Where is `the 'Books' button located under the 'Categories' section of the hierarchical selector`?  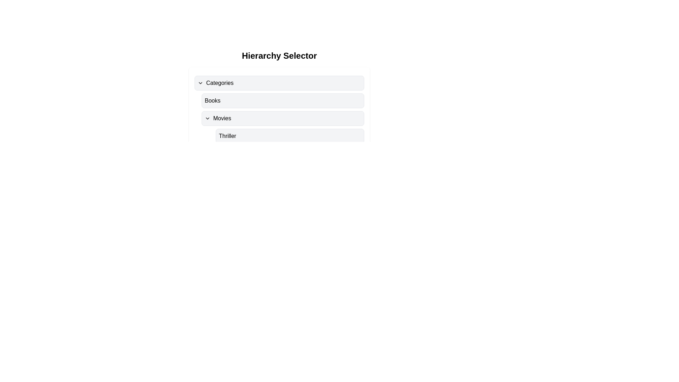 the 'Books' button located under the 'Categories' section of the hierarchical selector is located at coordinates (279, 109).